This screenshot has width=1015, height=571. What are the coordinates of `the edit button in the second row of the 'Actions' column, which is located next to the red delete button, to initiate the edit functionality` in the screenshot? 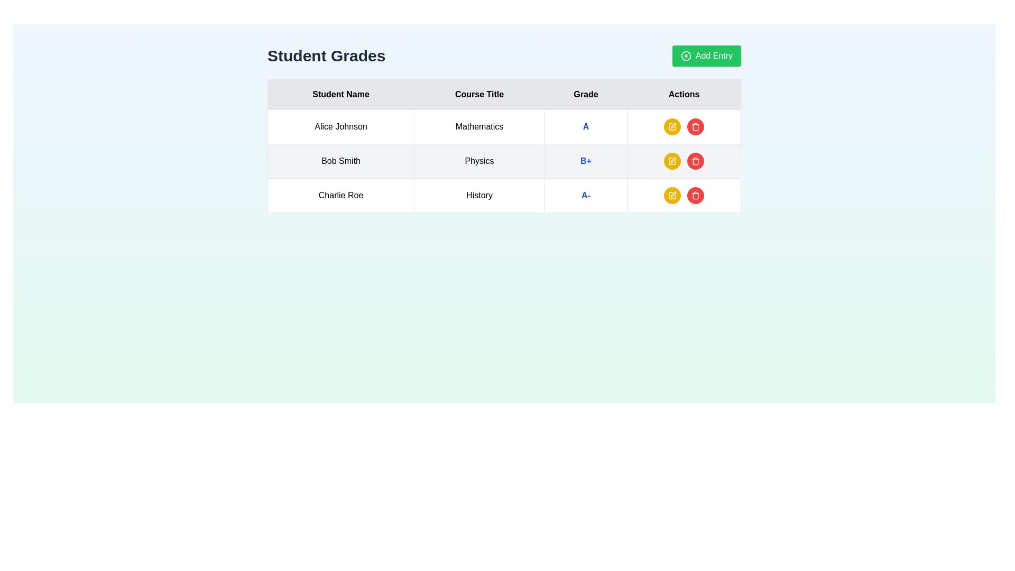 It's located at (672, 161).